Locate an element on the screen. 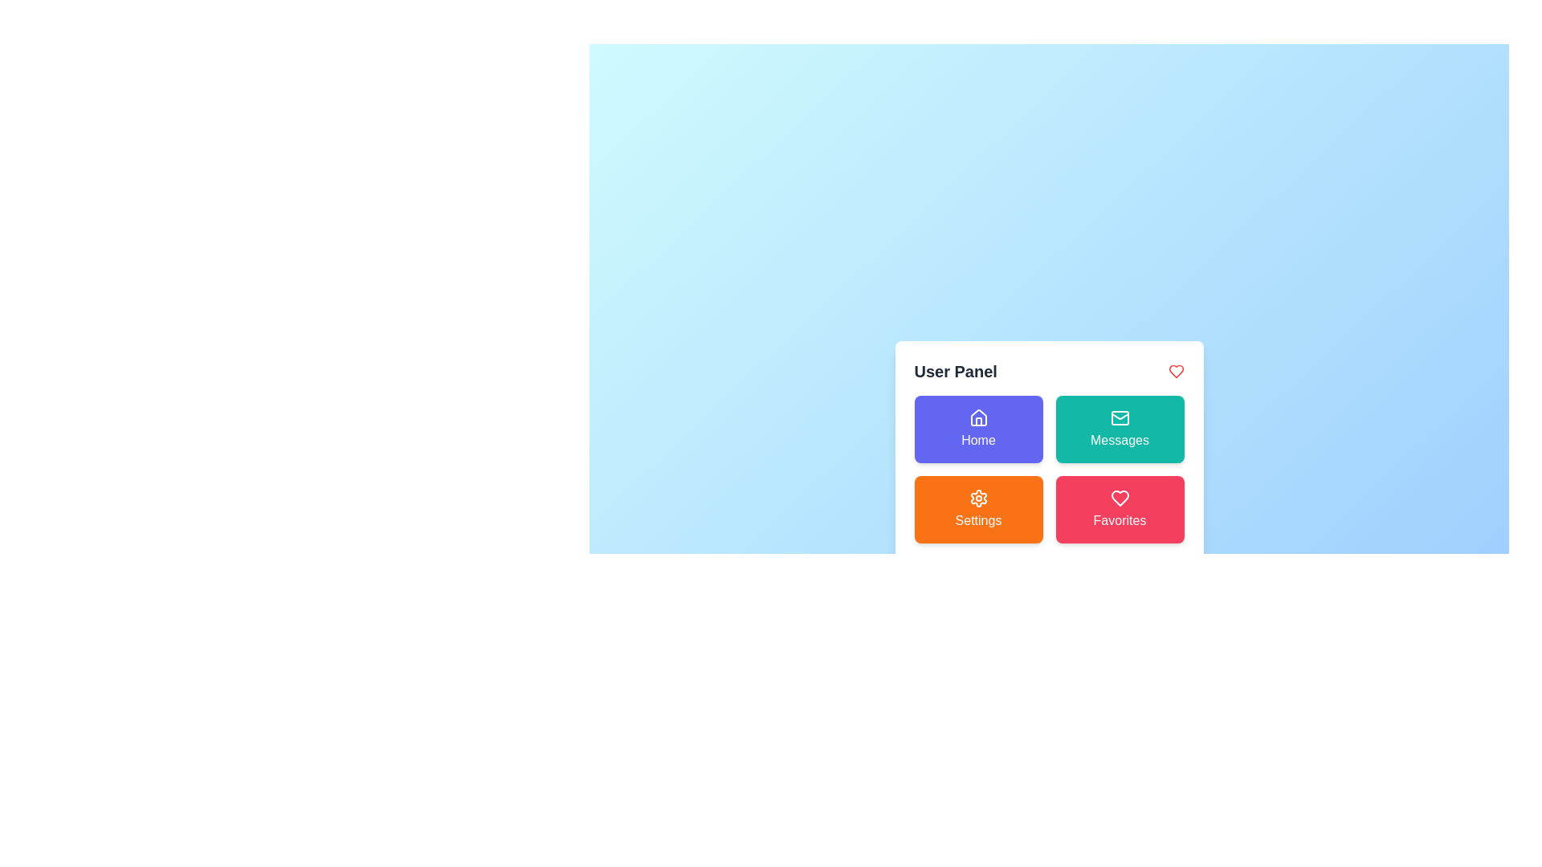 The width and height of the screenshot is (1542, 867). the 'Home' button, which is a rectangular button with a light blue background and a white house icon above the text 'Home' in white, located in the top-left corner of the grid within the 'User Panel' is located at coordinates (977, 429).